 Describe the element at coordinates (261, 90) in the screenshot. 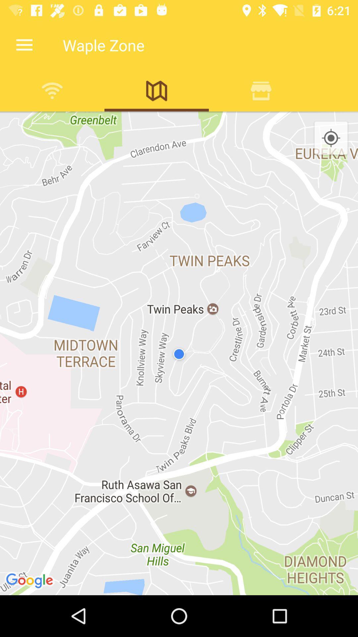

I see `store locations` at that location.